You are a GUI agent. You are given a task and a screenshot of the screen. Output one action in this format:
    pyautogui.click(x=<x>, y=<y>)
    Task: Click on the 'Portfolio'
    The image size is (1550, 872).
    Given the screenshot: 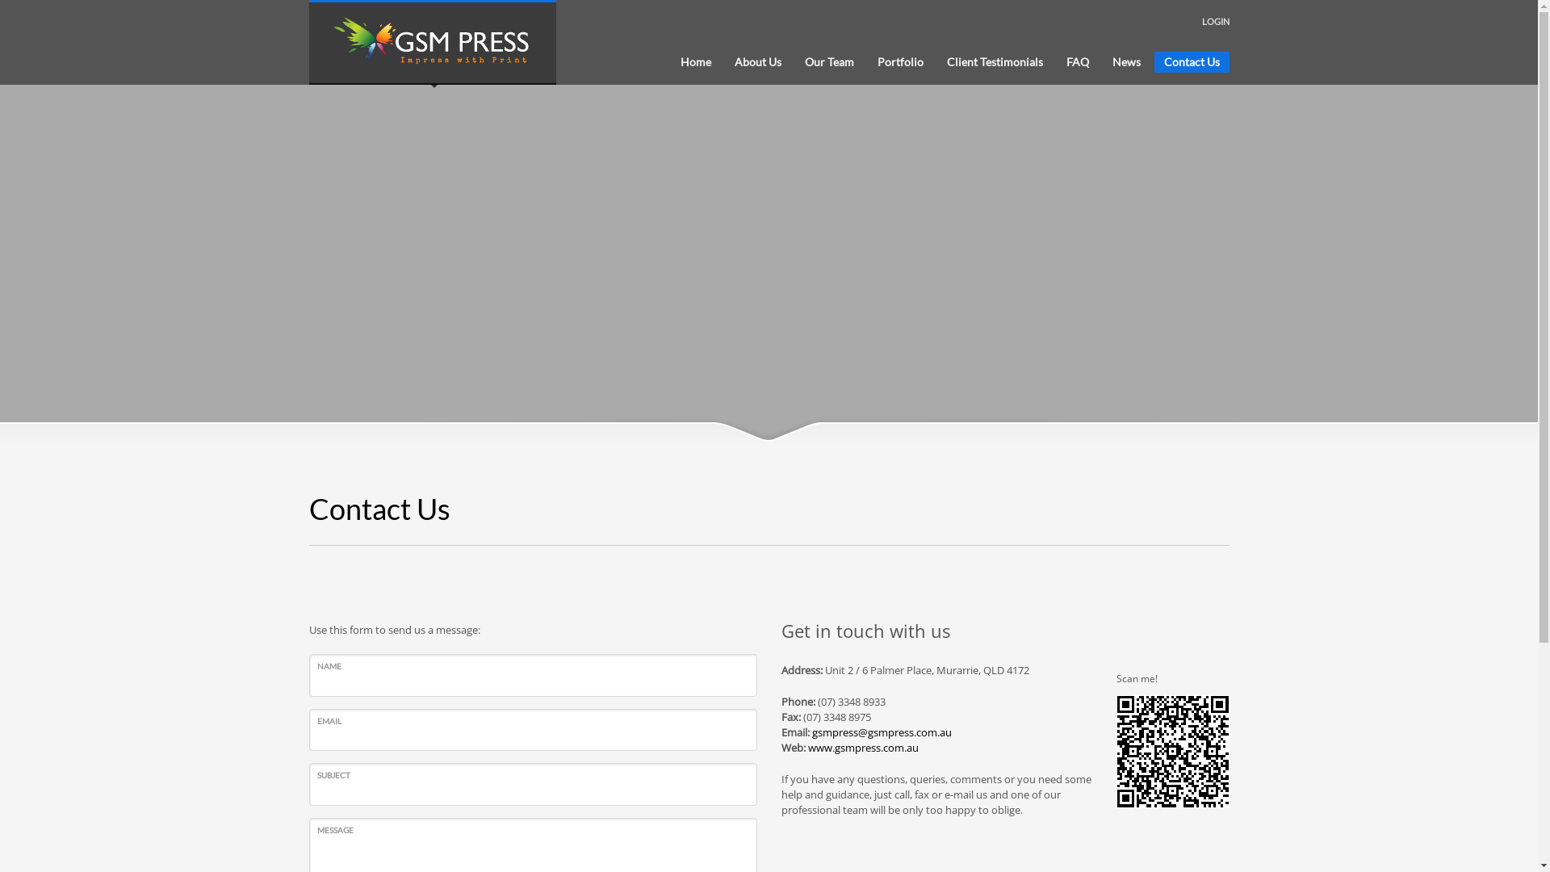 What is the action you would take?
    pyautogui.click(x=899, y=61)
    